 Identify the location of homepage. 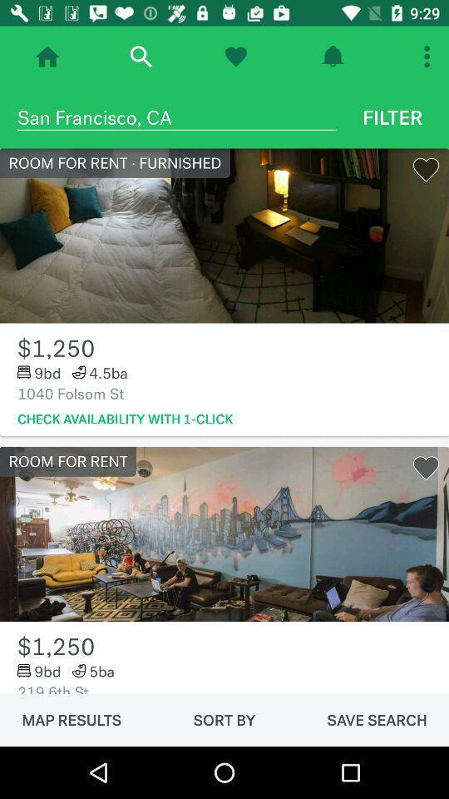
(47, 57).